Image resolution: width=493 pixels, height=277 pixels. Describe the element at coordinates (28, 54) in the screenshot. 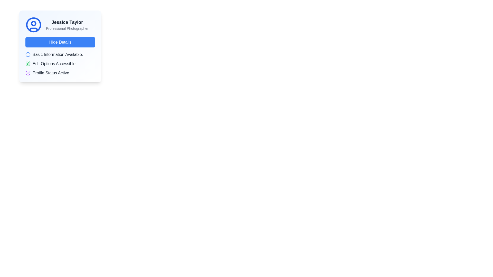

I see `the SVG circle serving as the outer circular border of the informational or status icon, located to the left of the text 'Basic Information Available.'` at that location.